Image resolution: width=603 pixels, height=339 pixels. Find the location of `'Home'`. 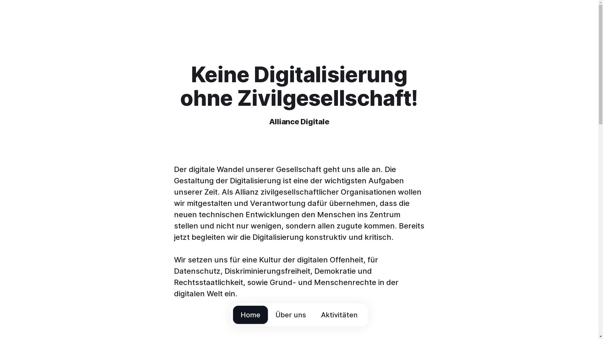

'Home' is located at coordinates (233, 315).